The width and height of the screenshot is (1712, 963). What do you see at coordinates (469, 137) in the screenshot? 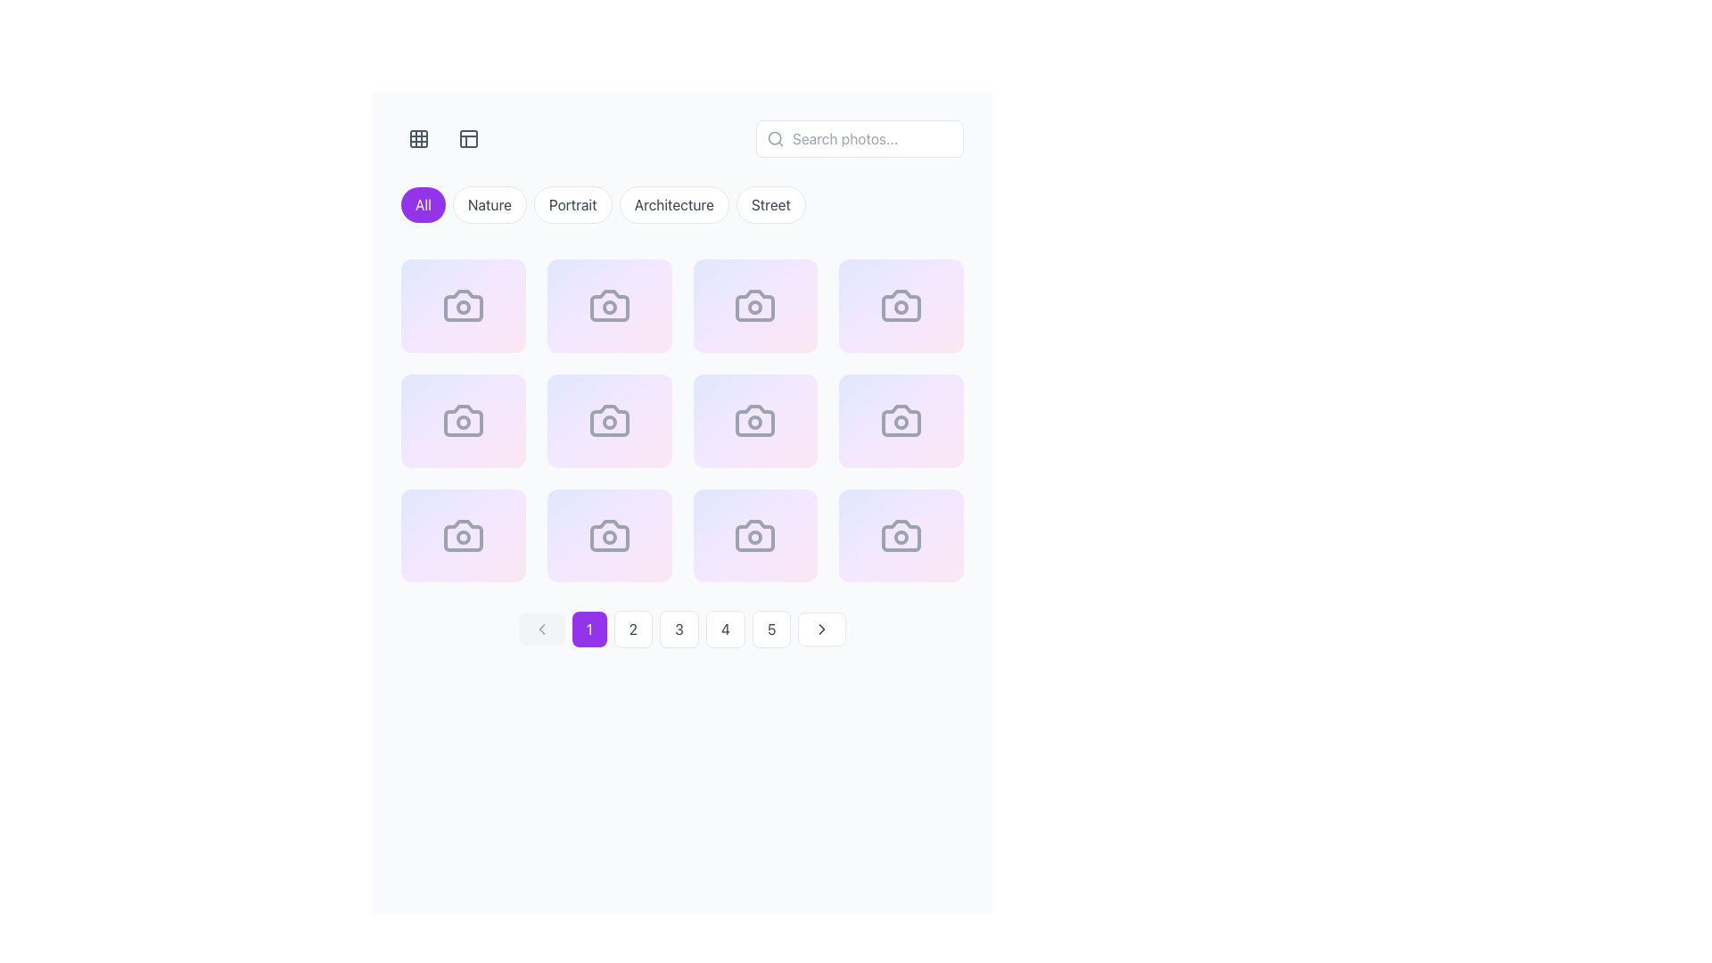
I see `the button styled as an icon in the navigation bar` at bounding box center [469, 137].